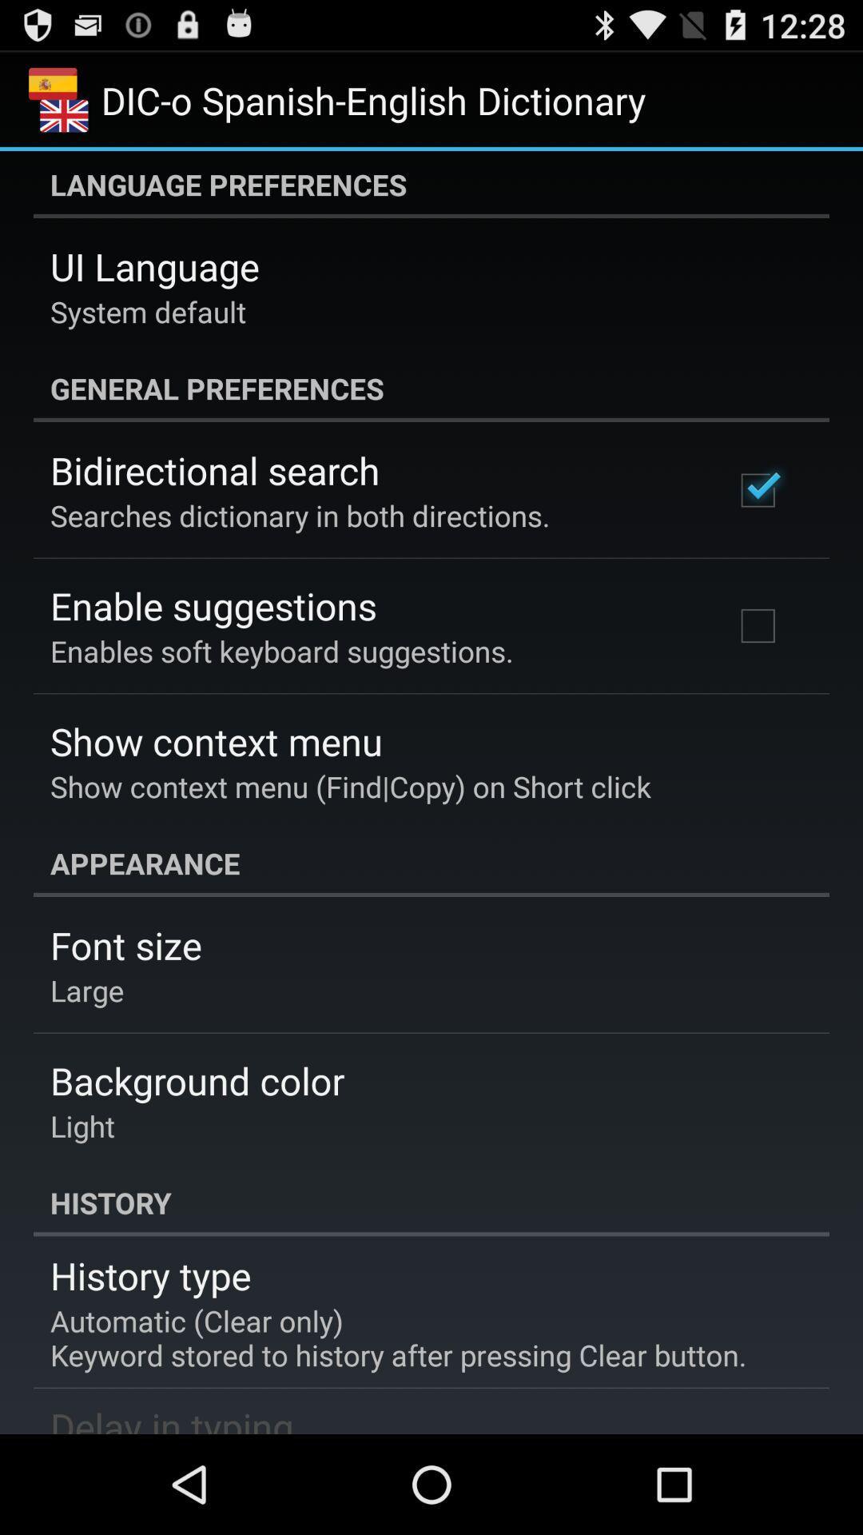 This screenshot has height=1535, width=863. What do you see at coordinates (172, 1417) in the screenshot?
I see `the icon below the automatic clear only item` at bounding box center [172, 1417].